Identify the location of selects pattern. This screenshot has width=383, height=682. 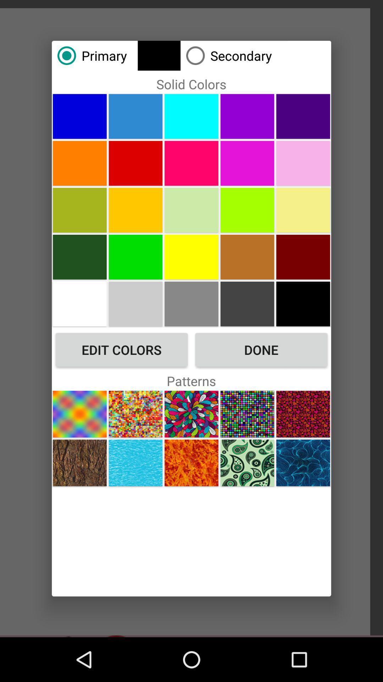
(135, 463).